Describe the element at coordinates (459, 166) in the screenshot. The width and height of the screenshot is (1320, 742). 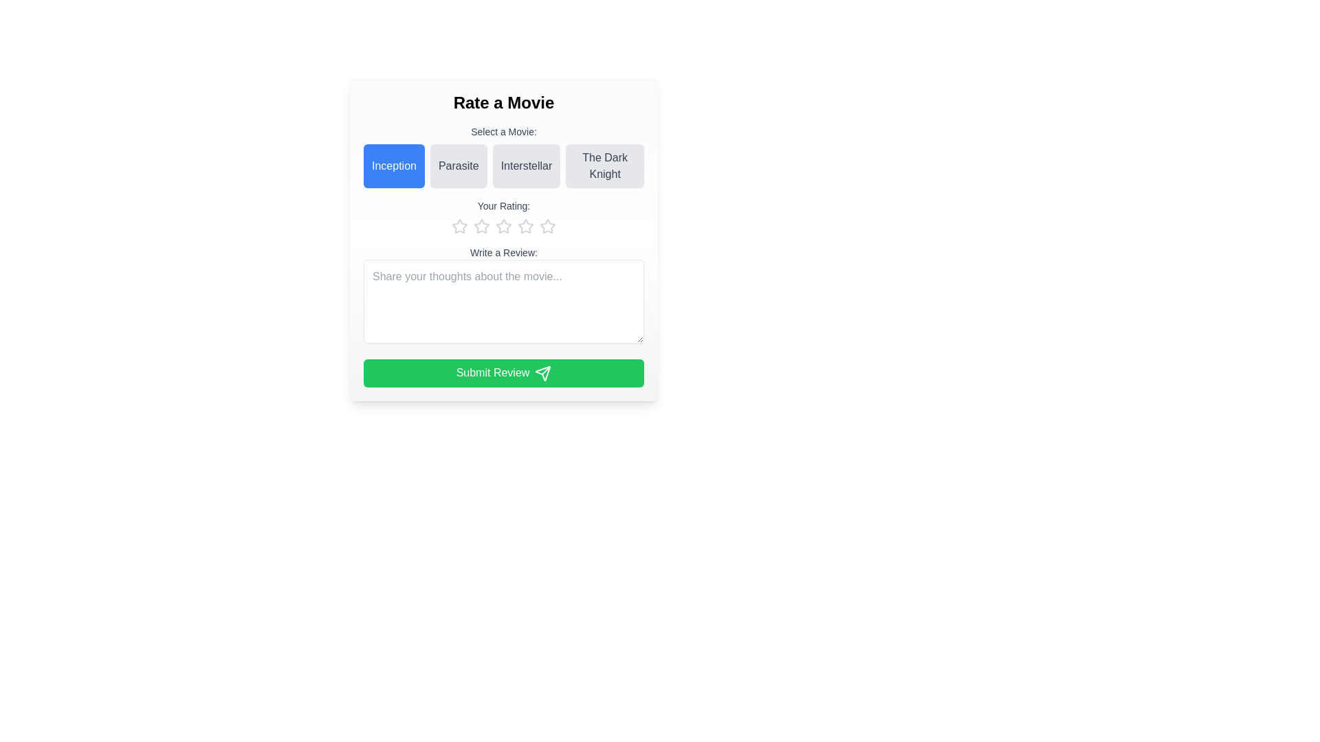
I see `the 'Parasite' button with a light gray background and medium gray text` at that location.